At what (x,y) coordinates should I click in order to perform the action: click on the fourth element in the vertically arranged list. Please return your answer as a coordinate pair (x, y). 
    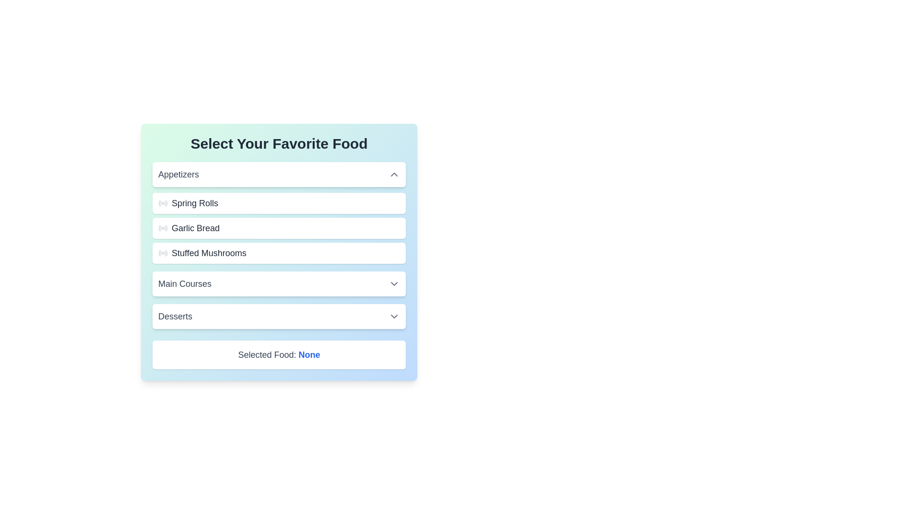
    Looking at the image, I should click on (278, 283).